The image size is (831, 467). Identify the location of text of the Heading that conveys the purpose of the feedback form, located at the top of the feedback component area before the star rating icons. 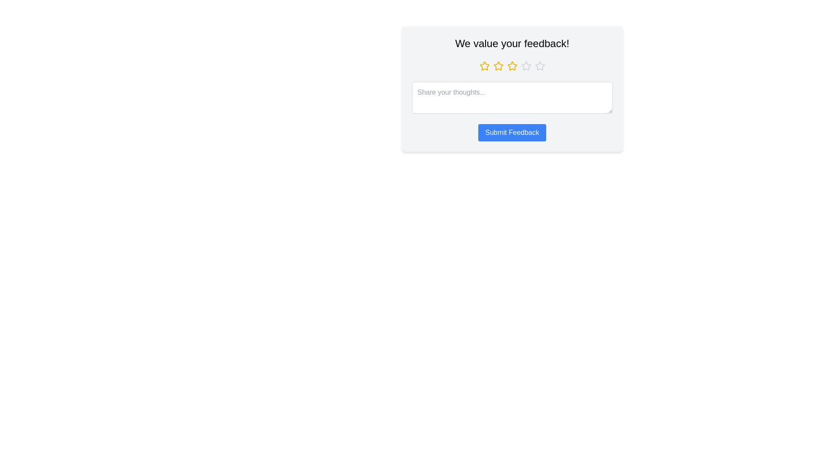
(512, 43).